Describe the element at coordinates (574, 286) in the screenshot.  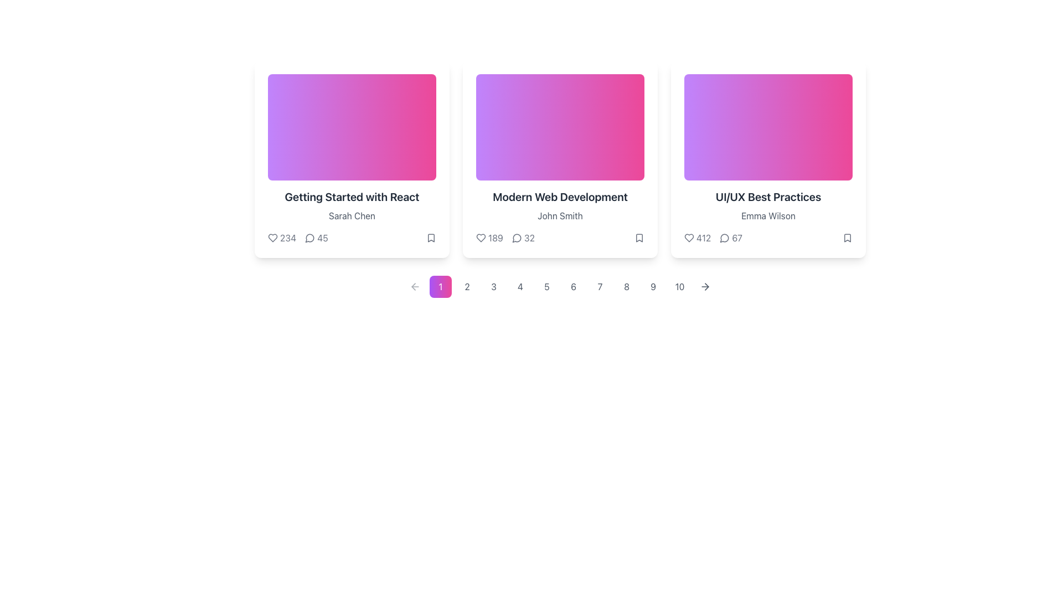
I see `the circular button displaying the number '6', which is part of a horizontal list of navigation buttons` at that location.